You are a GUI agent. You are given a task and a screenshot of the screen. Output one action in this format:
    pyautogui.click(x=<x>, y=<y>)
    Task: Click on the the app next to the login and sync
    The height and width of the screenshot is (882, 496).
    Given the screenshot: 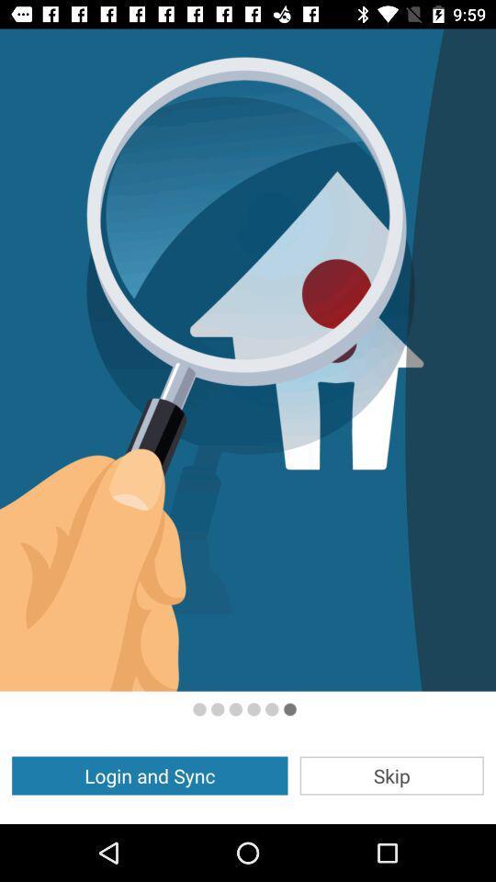 What is the action you would take?
    pyautogui.click(x=390, y=775)
    